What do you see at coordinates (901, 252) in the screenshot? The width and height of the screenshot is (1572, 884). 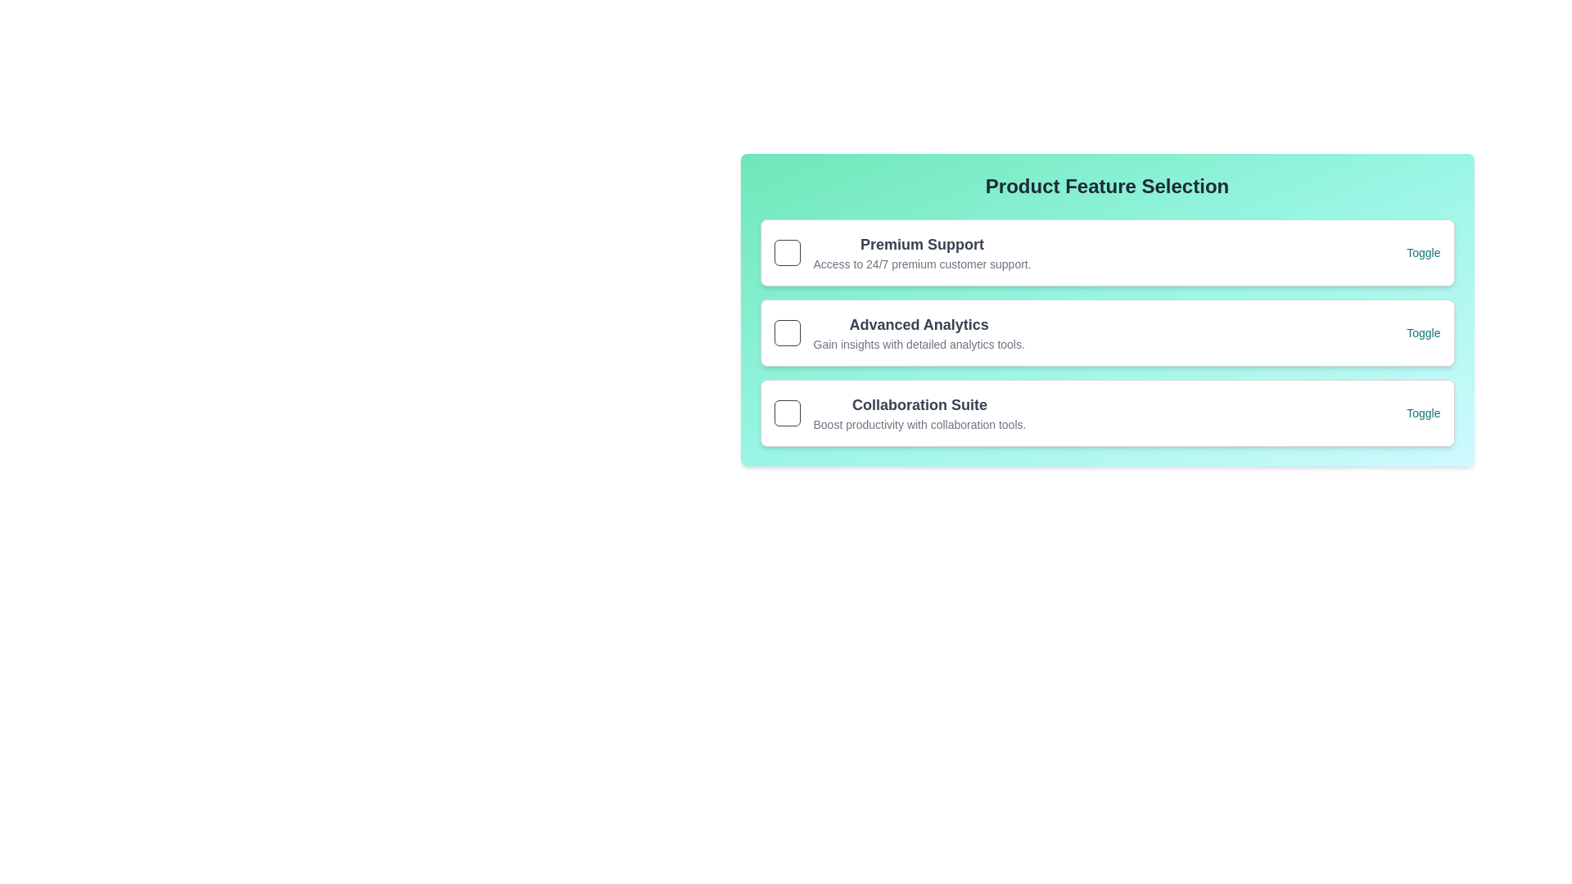 I see `descriptive text label for the 'Premium Support' feature located on the left side of the interface, positioned above the 'Toggle' option and following the checkbox` at bounding box center [901, 252].